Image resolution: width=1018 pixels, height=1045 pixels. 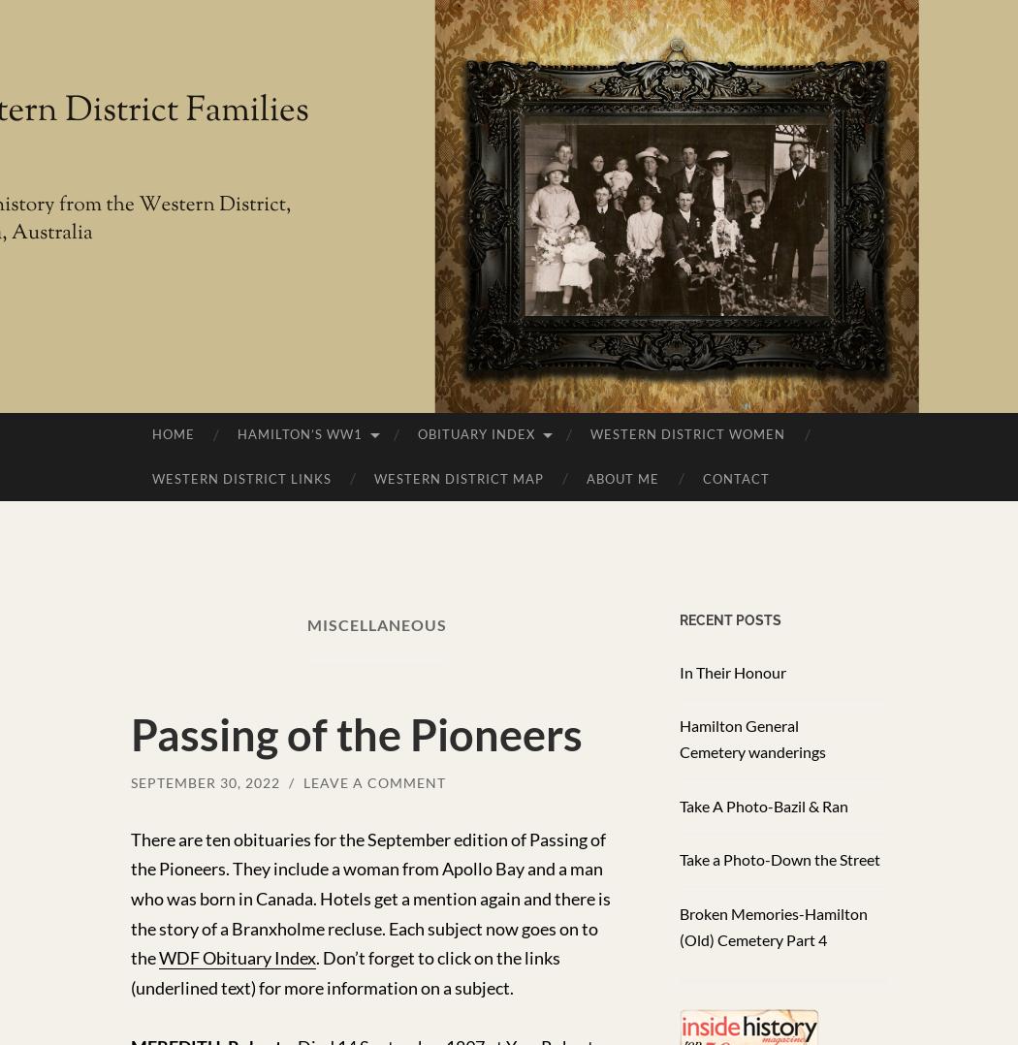 I want to click on 'Broken Memories-Hamilton (Old) Cemetery Part 4', so click(x=771, y=925).